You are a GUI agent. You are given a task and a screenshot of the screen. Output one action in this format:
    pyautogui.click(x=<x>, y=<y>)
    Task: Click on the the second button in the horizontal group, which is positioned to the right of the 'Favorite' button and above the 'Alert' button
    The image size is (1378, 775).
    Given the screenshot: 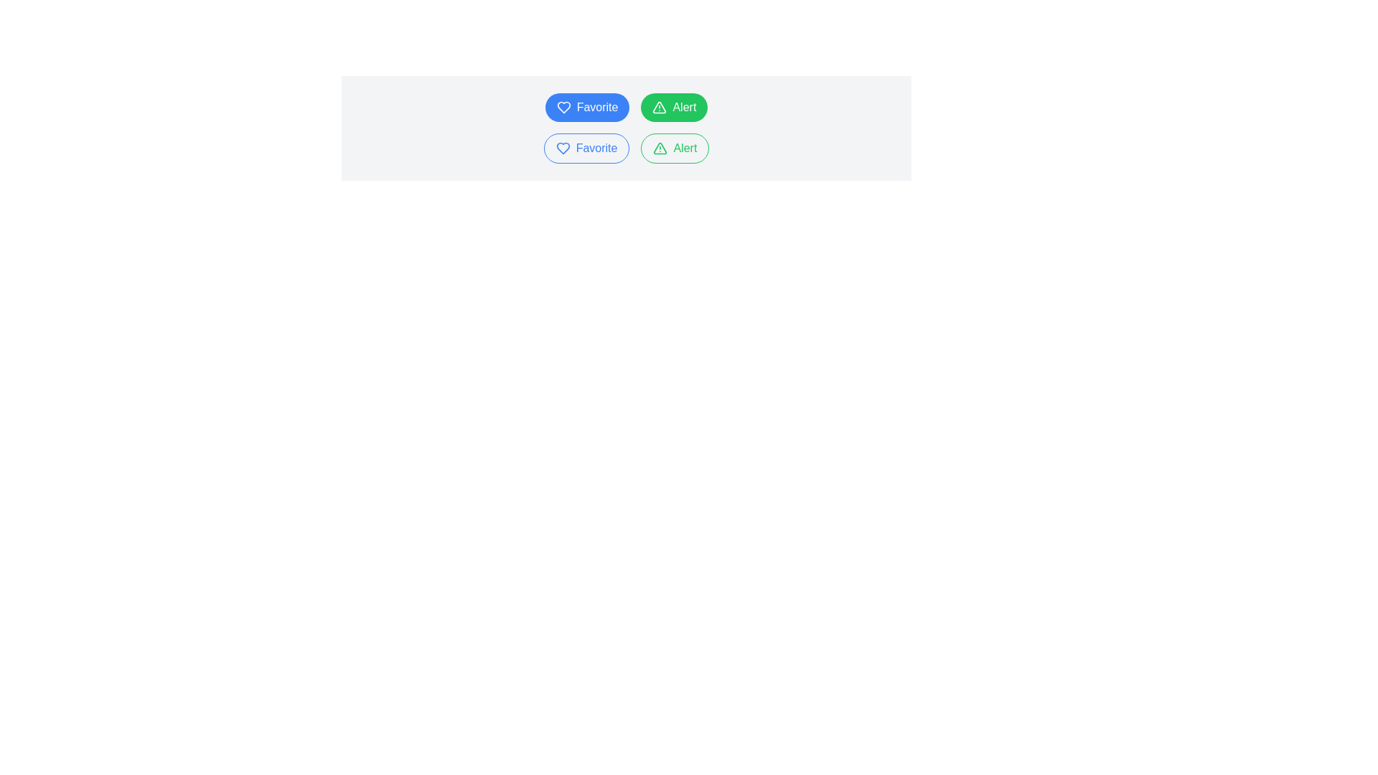 What is the action you would take?
    pyautogui.click(x=673, y=107)
    